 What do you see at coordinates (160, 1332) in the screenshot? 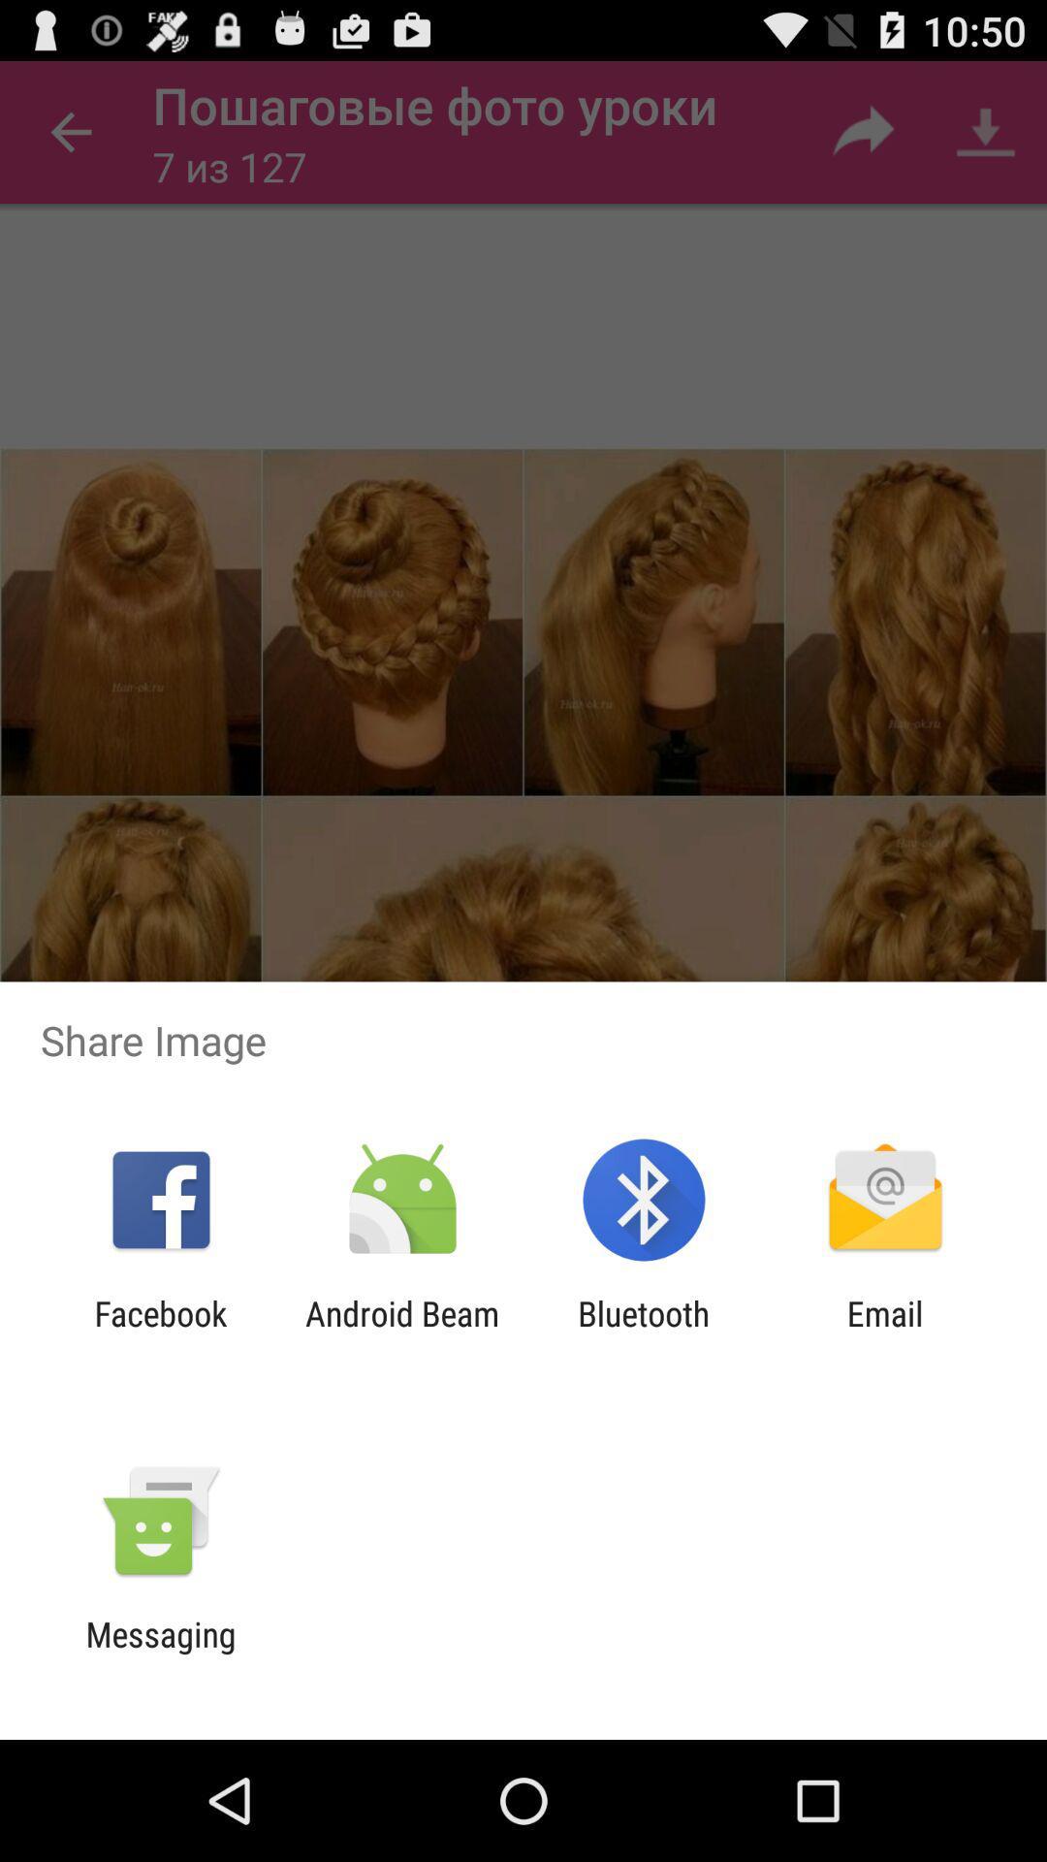
I see `facebook app` at bounding box center [160, 1332].